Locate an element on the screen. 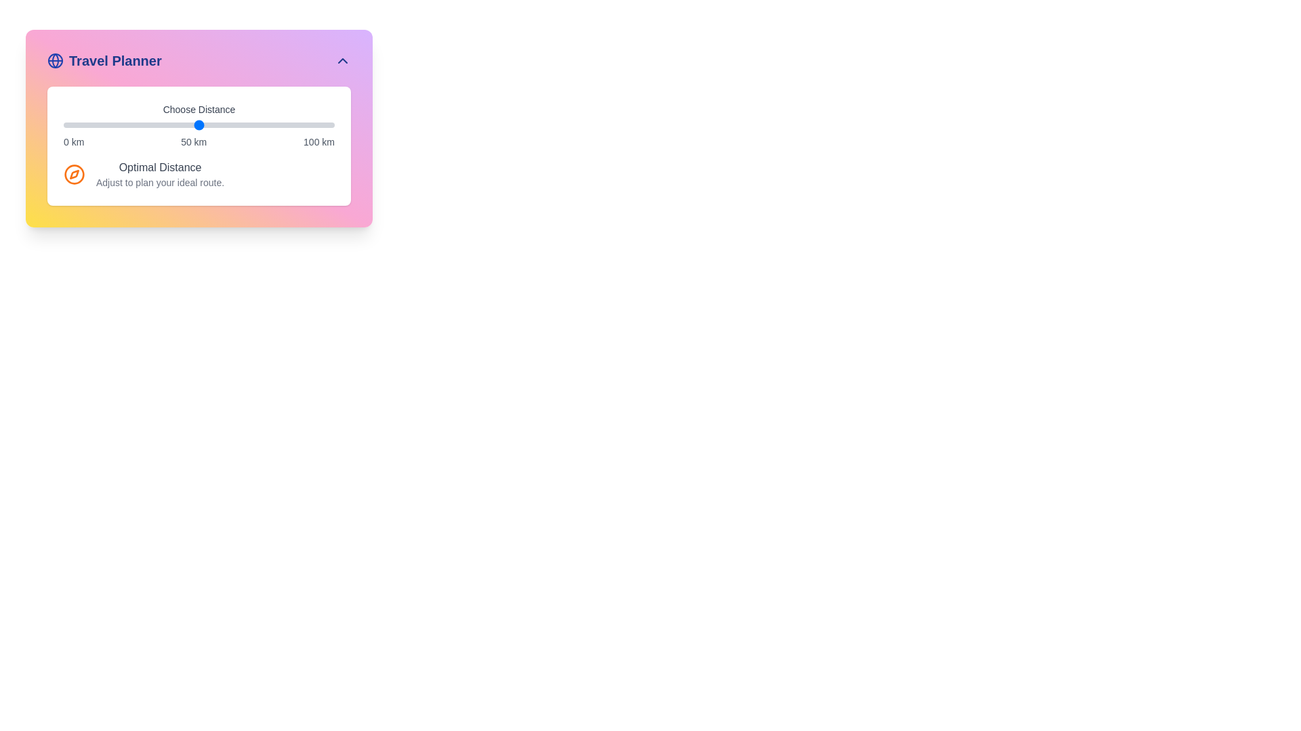 This screenshot has width=1301, height=731. the distance slider is located at coordinates (171, 125).